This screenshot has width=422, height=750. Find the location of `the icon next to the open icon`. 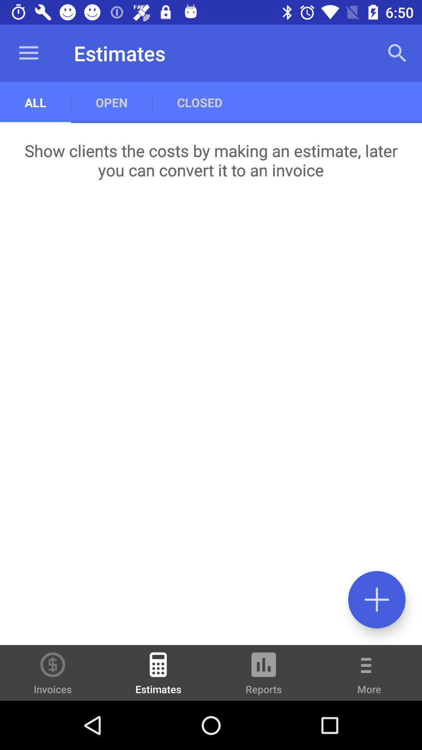

the icon next to the open icon is located at coordinates (28, 53).